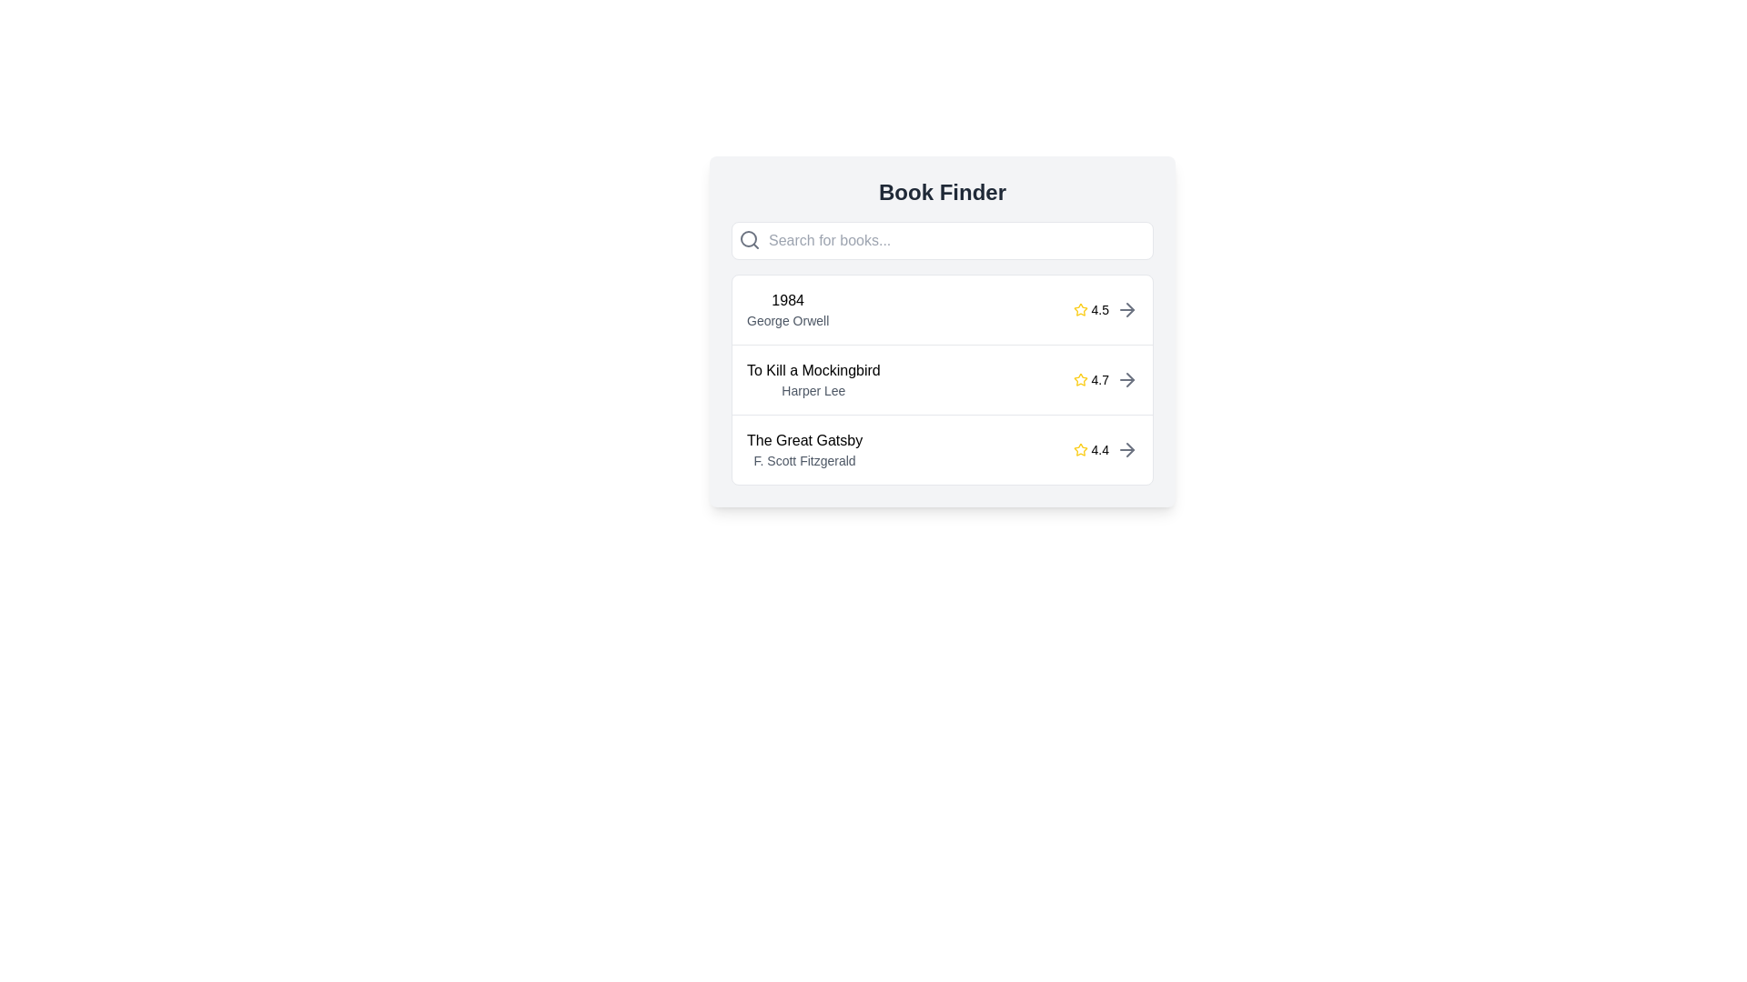  What do you see at coordinates (1091, 378) in the screenshot?
I see `the star icon associated with the rating '4.7' next to the book 'To Kill a Mockingbird' by Harper Lee` at bounding box center [1091, 378].